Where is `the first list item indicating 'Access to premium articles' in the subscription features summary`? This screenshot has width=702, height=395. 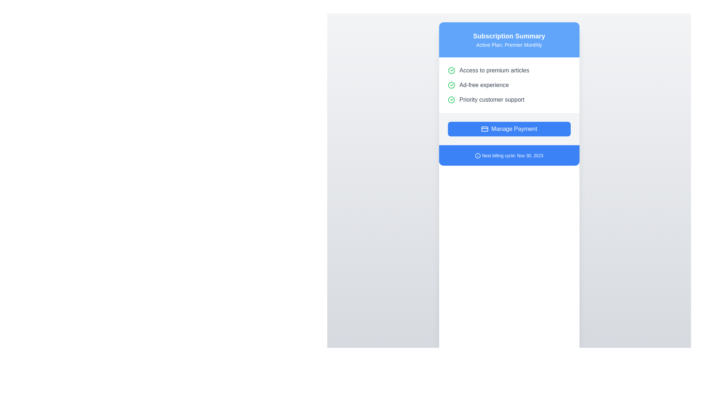 the first list item indicating 'Access to premium articles' in the subscription features summary is located at coordinates (509, 70).